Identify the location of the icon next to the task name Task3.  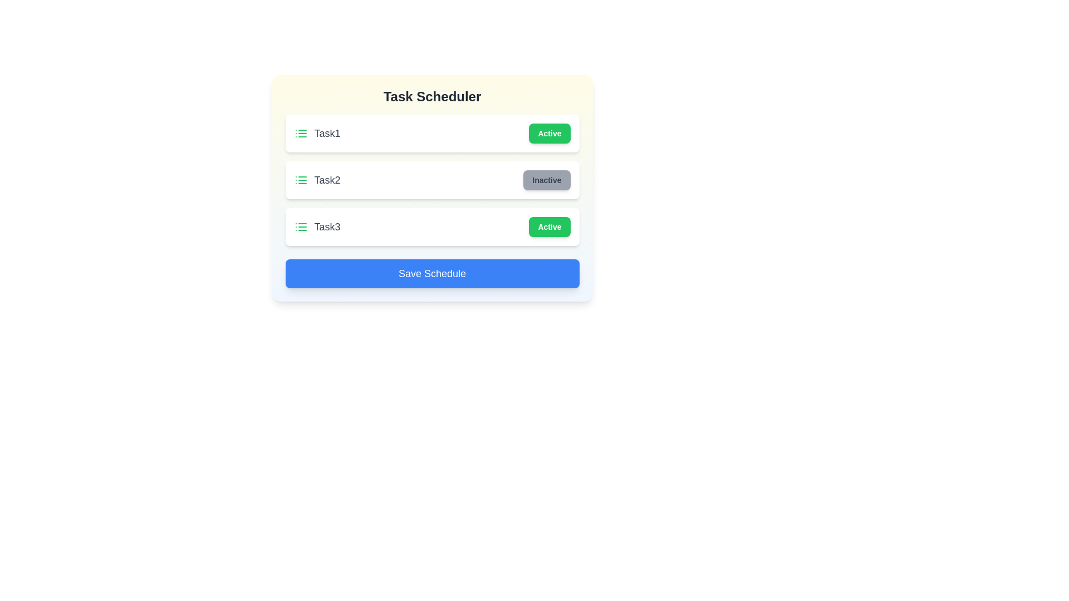
(301, 226).